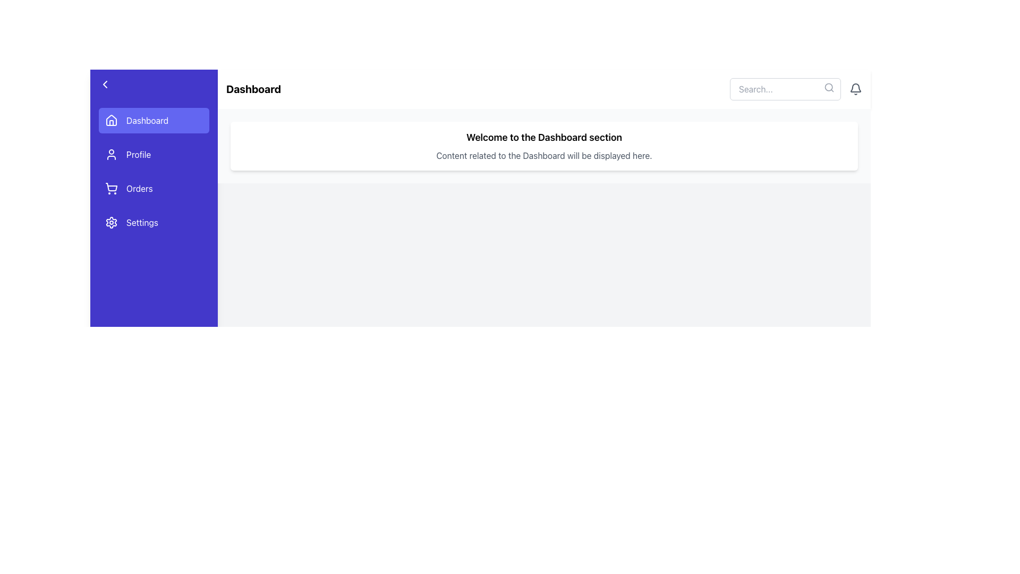 Image resolution: width=1020 pixels, height=574 pixels. I want to click on the 'Orders' text label located in the left sidebar, positioned between the 'Profile' and 'Settings' text, so click(139, 188).